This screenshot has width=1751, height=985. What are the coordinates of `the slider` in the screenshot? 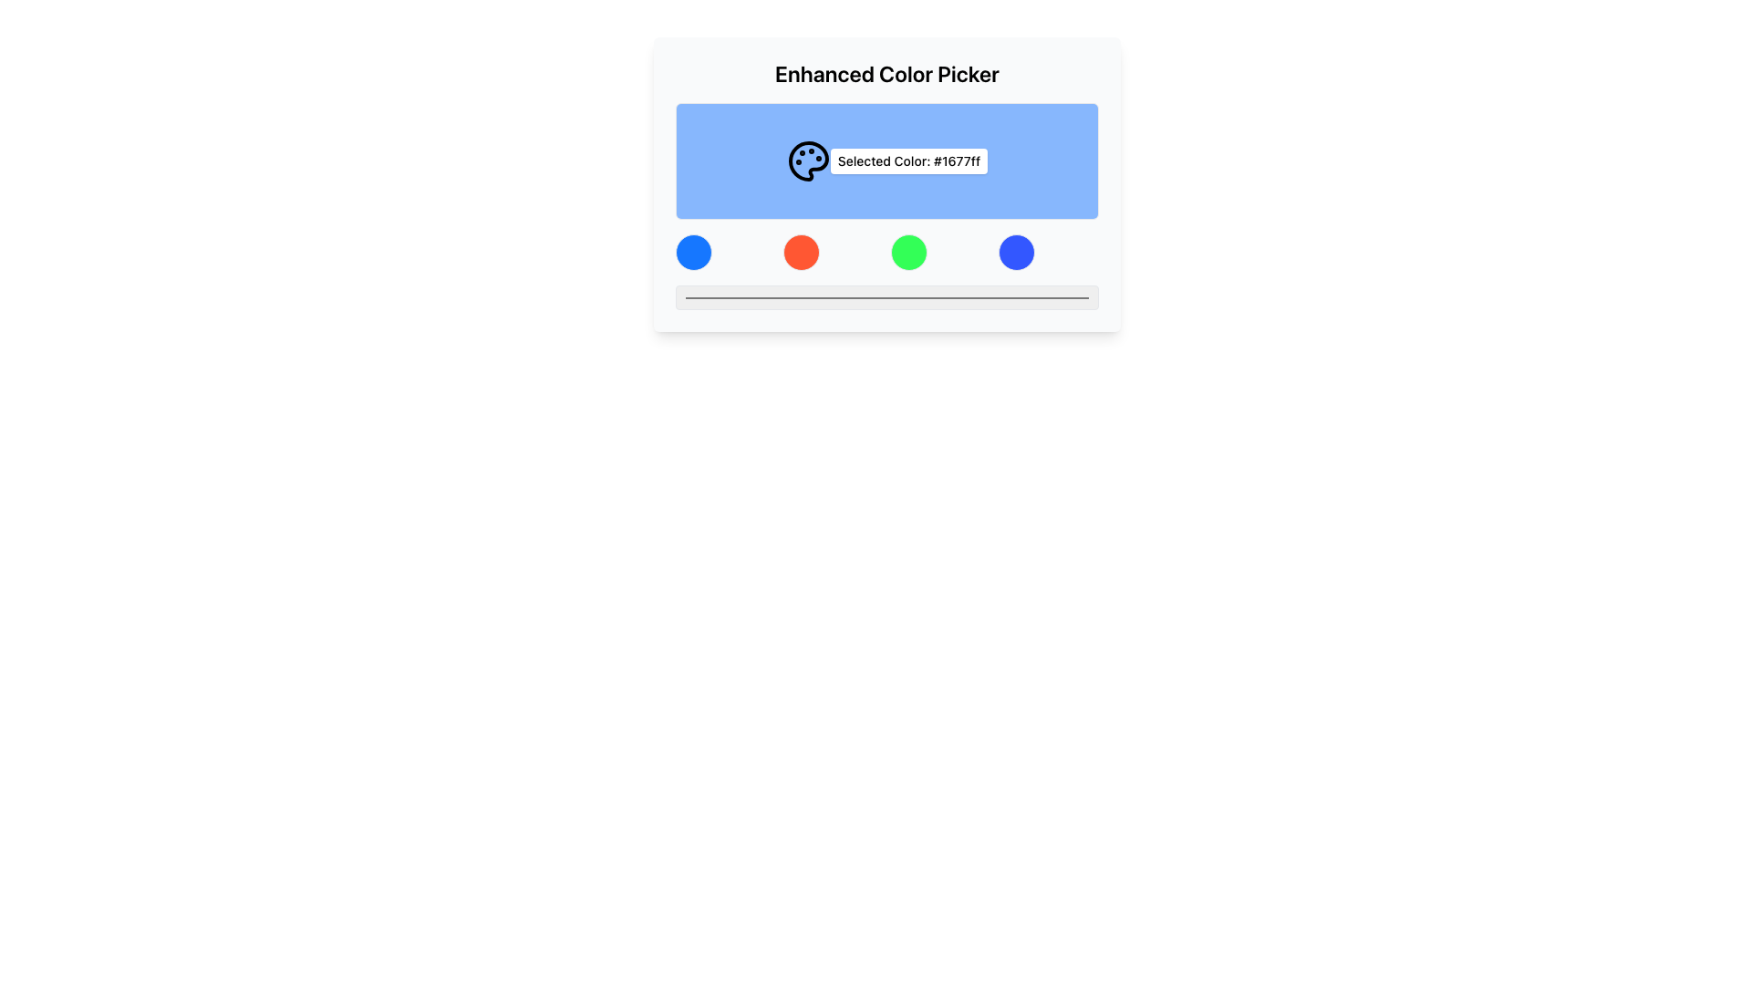 It's located at (949, 296).